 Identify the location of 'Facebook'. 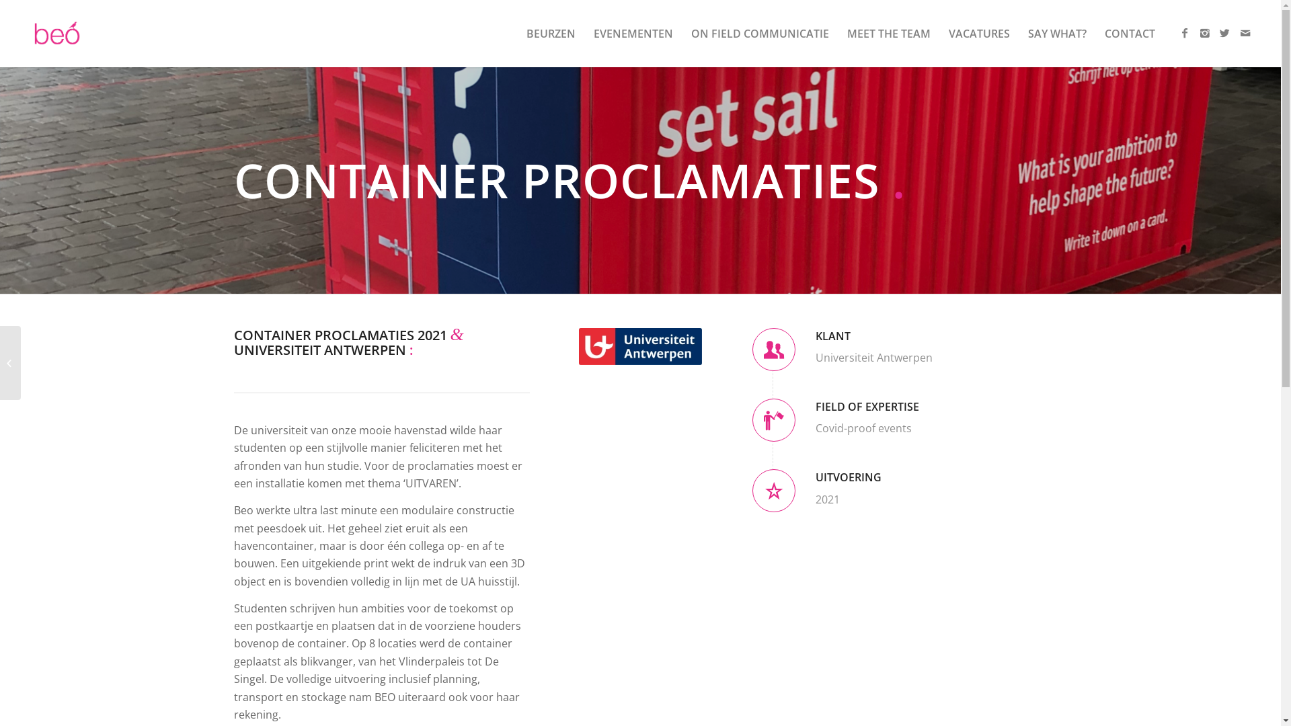
(1174, 32).